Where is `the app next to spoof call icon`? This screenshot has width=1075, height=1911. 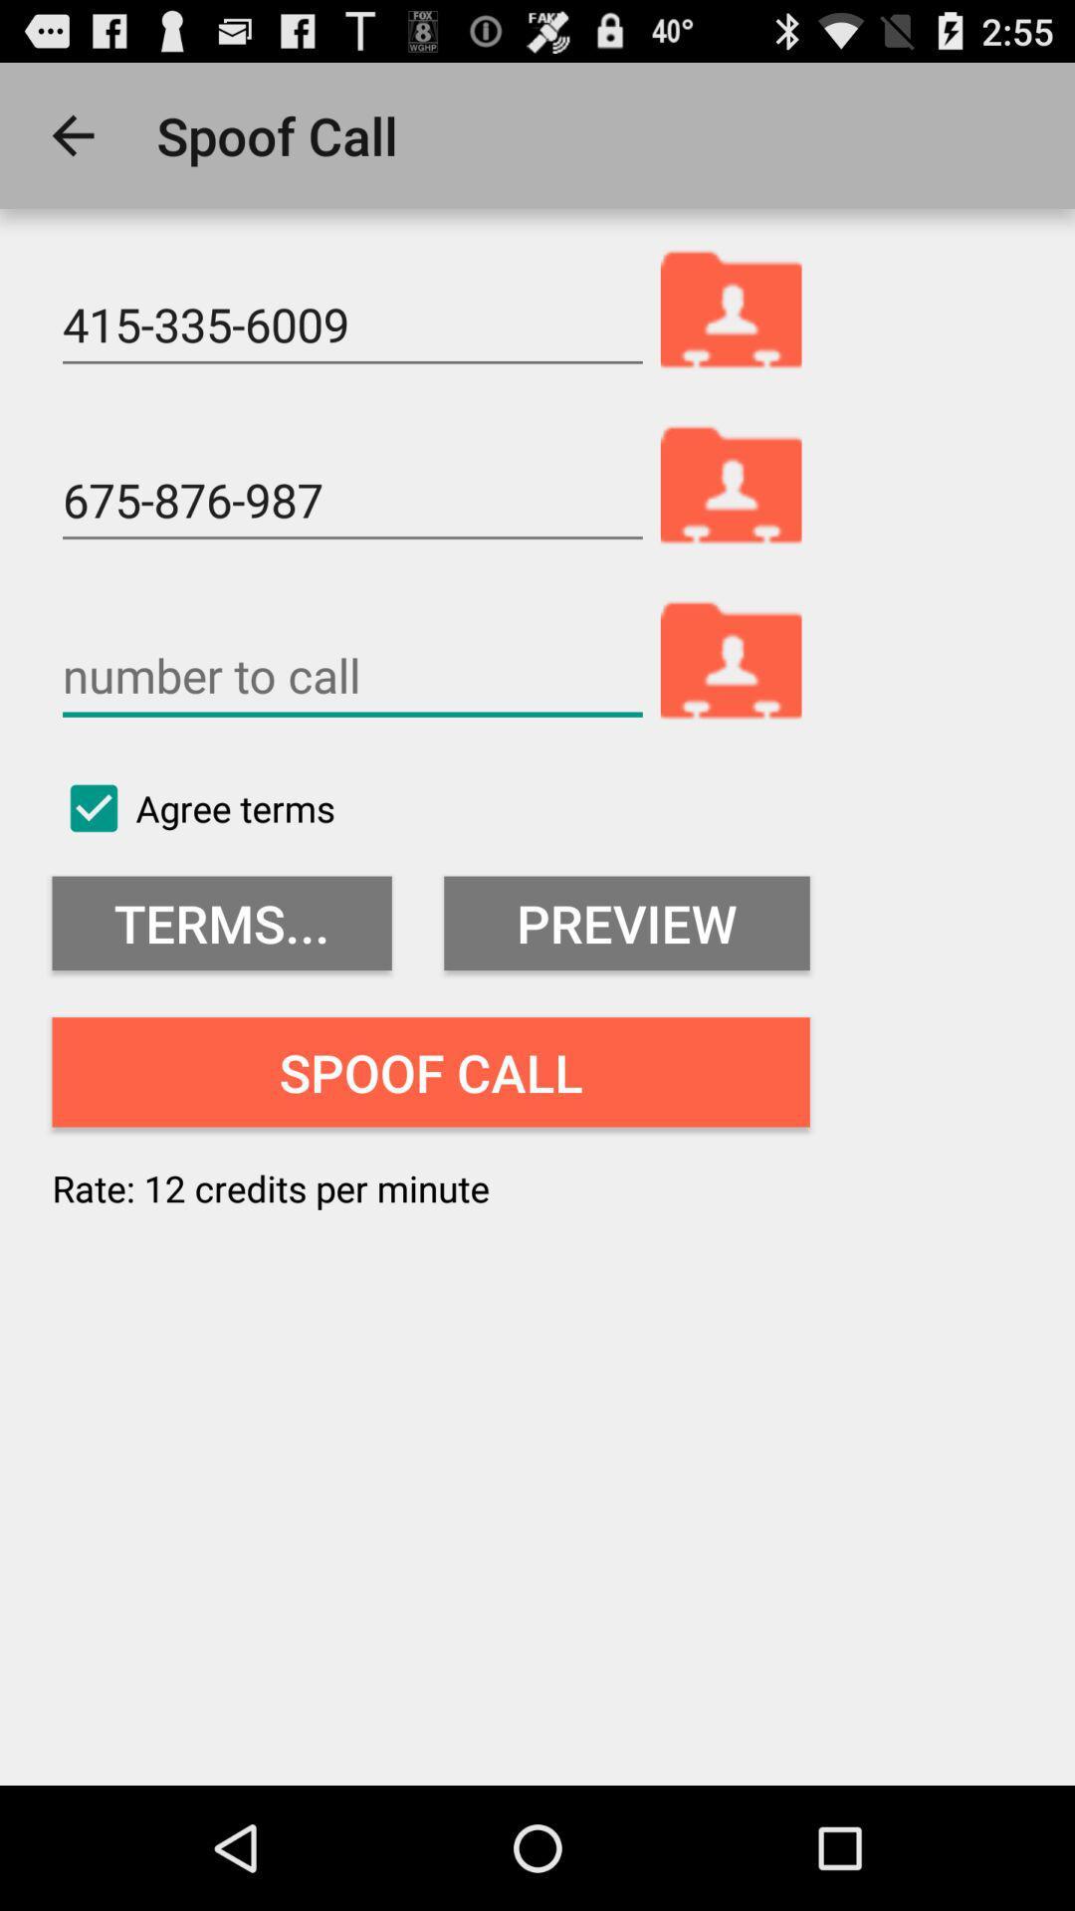 the app next to spoof call icon is located at coordinates (72, 134).